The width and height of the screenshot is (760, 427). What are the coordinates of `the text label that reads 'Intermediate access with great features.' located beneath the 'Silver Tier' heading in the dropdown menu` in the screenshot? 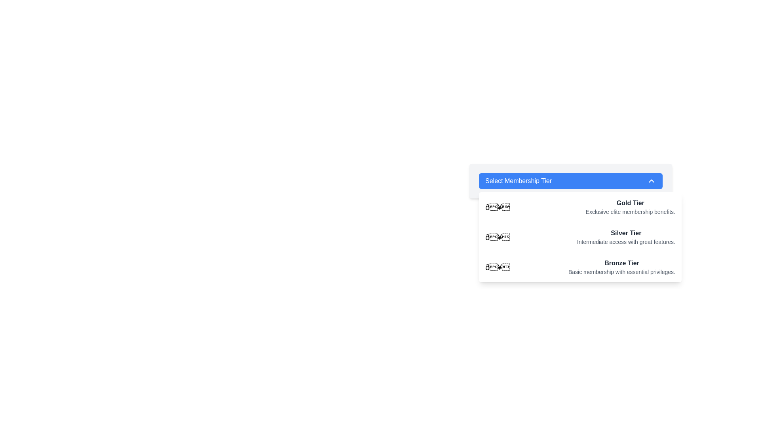 It's located at (625, 242).